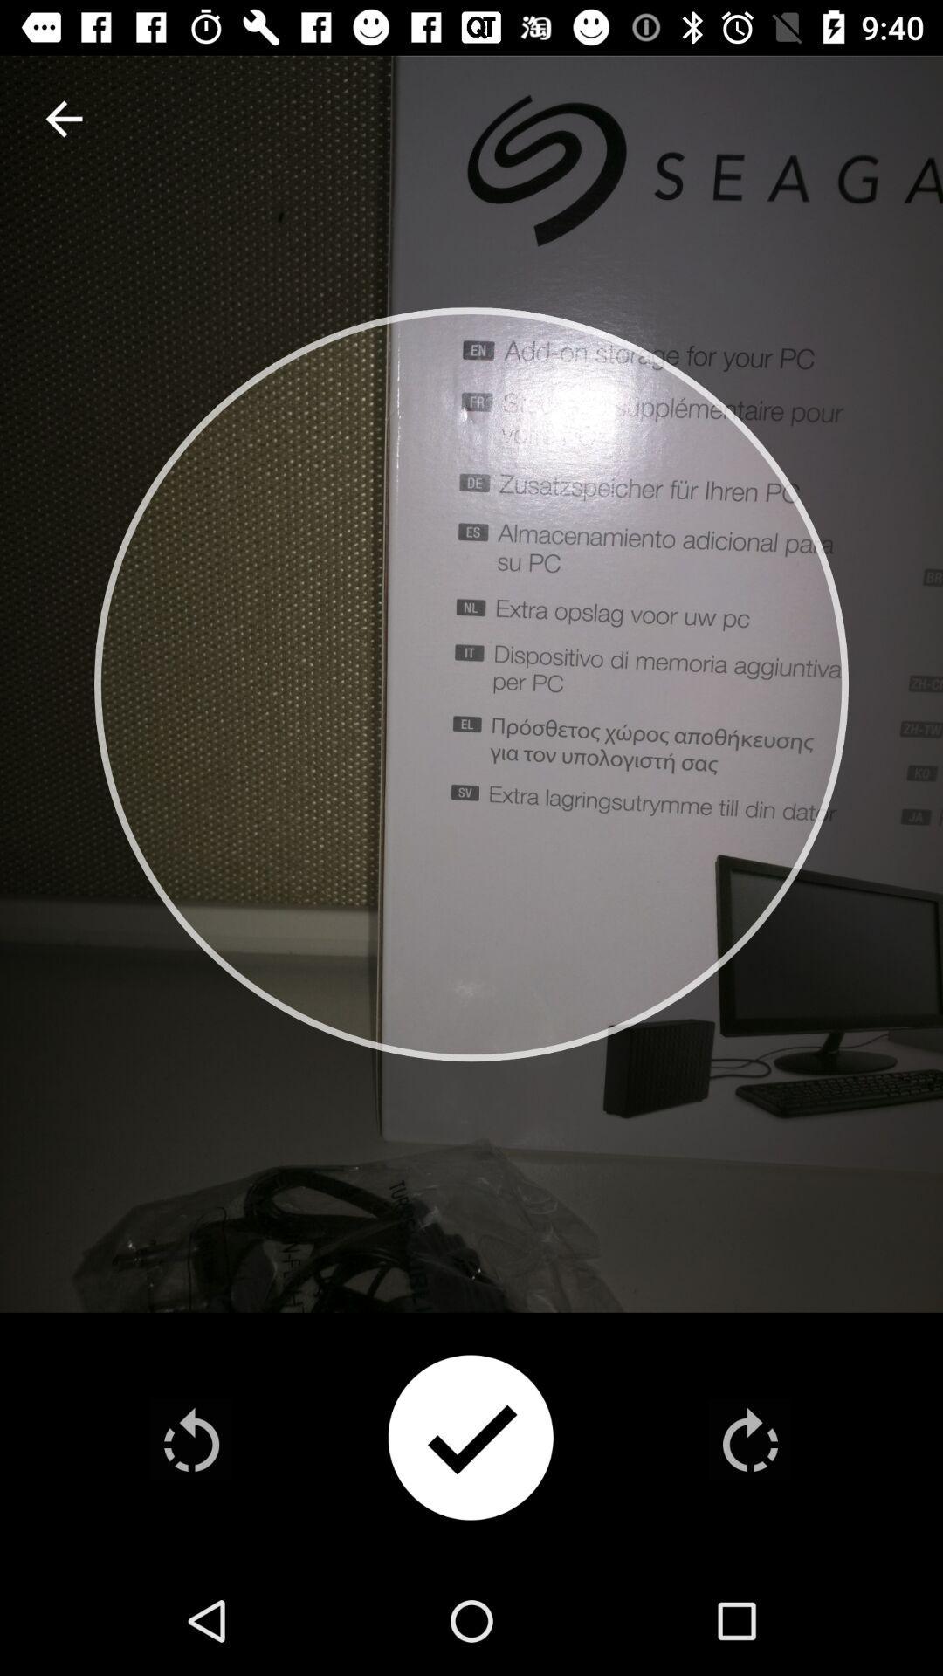 This screenshot has height=1676, width=943. What do you see at coordinates (470, 1439) in the screenshot?
I see `area` at bounding box center [470, 1439].